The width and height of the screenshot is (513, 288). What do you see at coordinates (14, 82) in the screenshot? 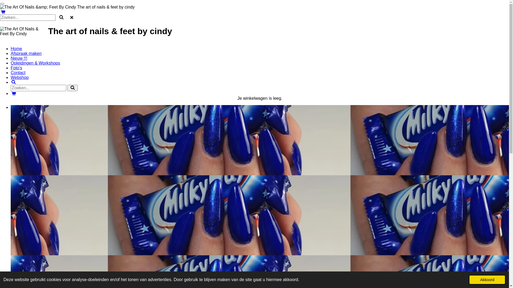
I see `'Zoeken'` at bounding box center [14, 82].